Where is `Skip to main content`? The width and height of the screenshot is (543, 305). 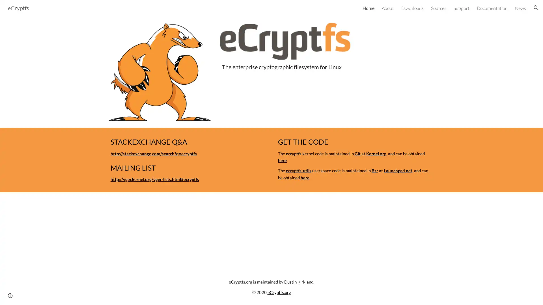 Skip to main content is located at coordinates (223, 10).